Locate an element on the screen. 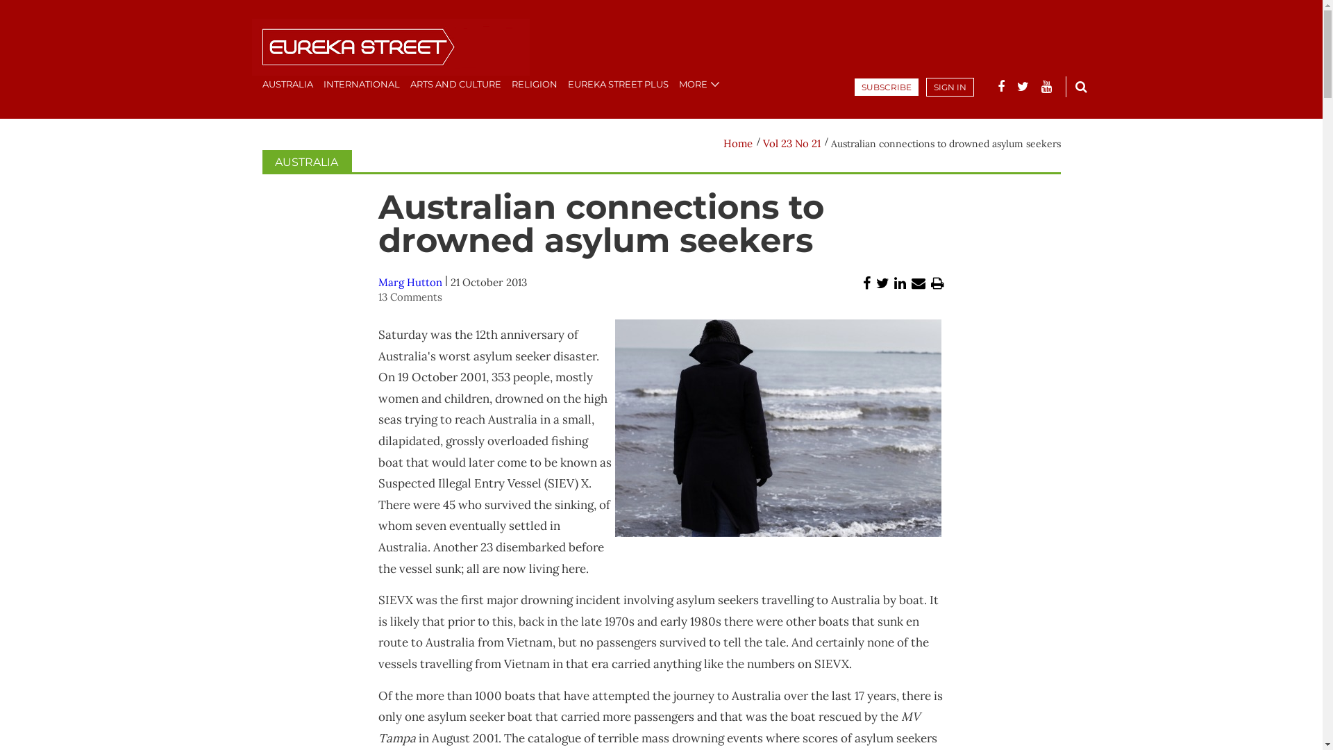 The width and height of the screenshot is (1333, 750). 'Twitter' is located at coordinates (882, 283).